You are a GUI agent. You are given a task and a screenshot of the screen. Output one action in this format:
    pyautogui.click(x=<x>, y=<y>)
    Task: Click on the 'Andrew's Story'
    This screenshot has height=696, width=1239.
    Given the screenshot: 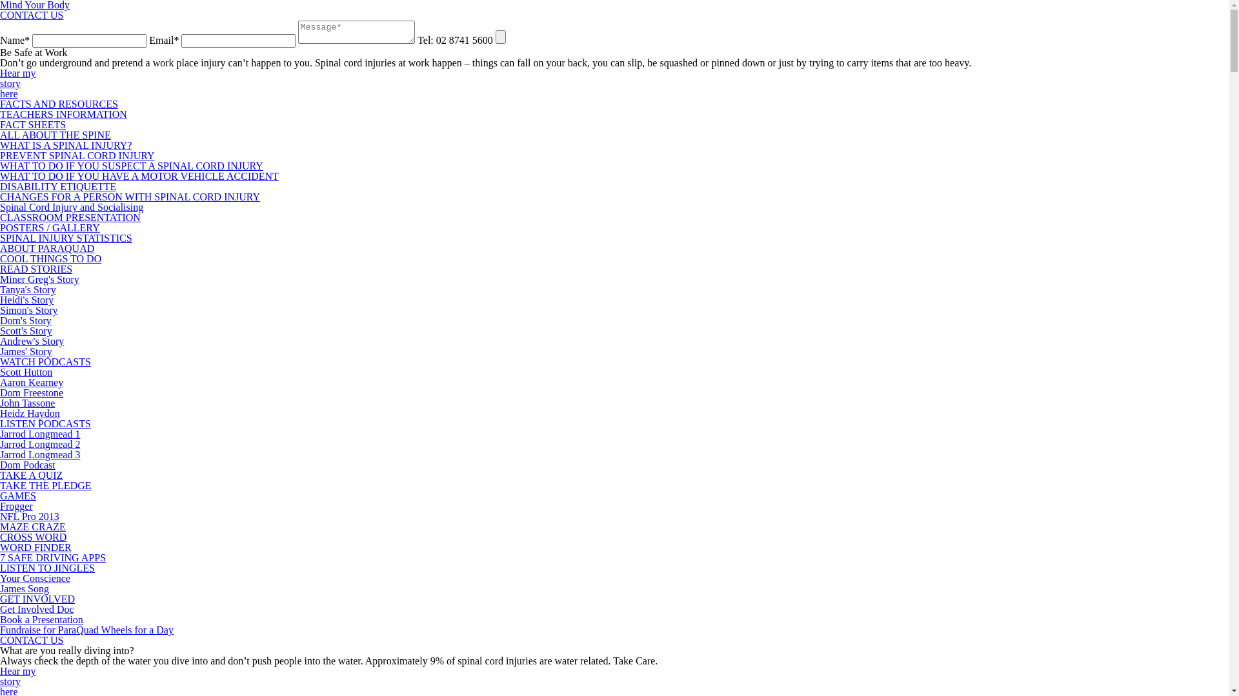 What is the action you would take?
    pyautogui.click(x=0, y=340)
    